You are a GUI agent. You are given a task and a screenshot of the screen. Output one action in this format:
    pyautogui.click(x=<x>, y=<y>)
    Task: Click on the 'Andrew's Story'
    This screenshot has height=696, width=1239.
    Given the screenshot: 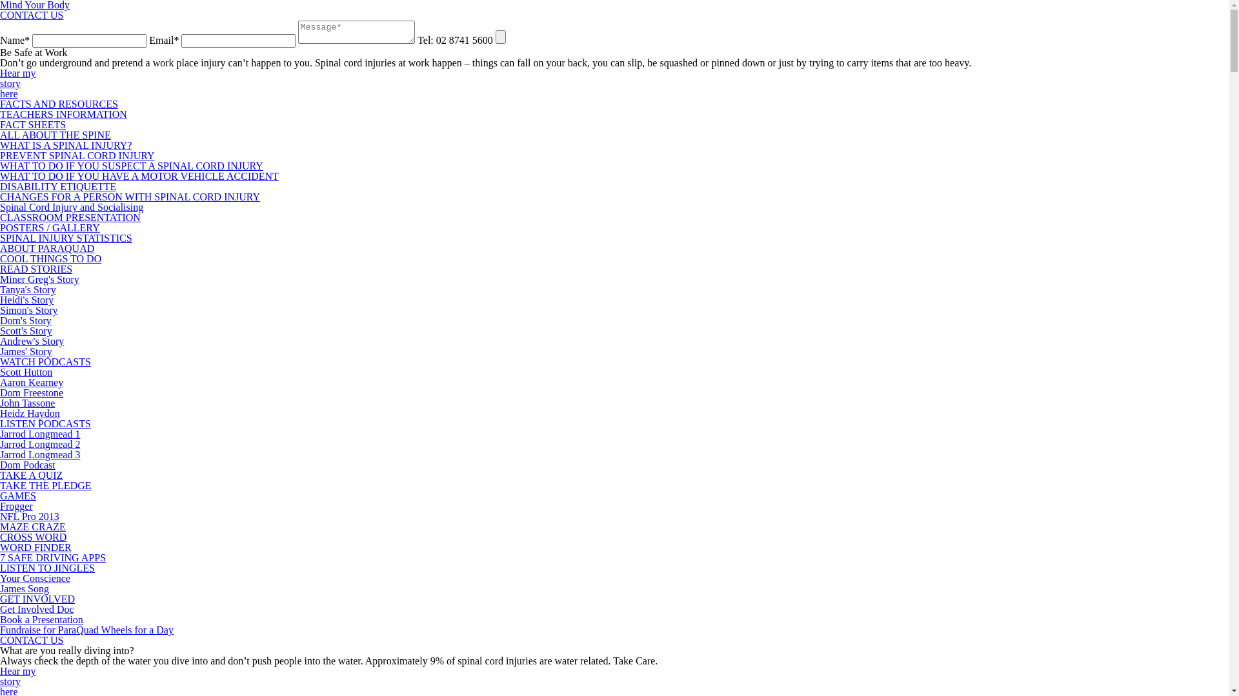 What is the action you would take?
    pyautogui.click(x=0, y=340)
    